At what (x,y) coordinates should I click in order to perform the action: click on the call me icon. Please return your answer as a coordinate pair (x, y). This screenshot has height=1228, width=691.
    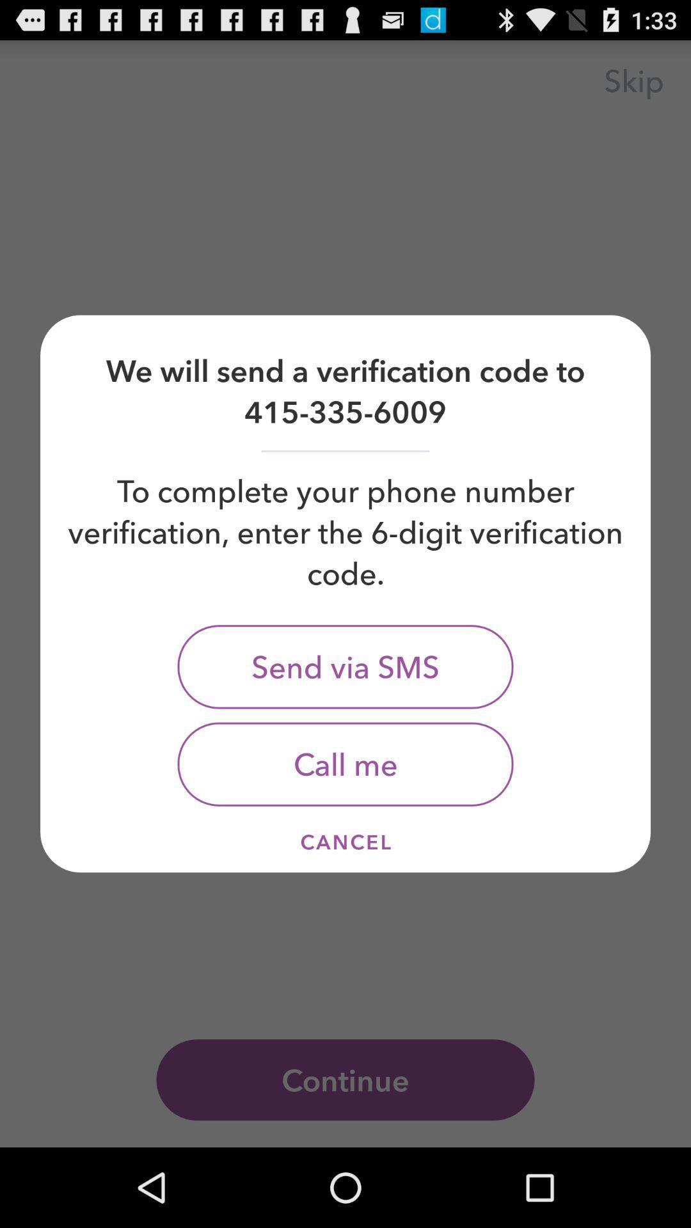
    Looking at the image, I should click on (345, 764).